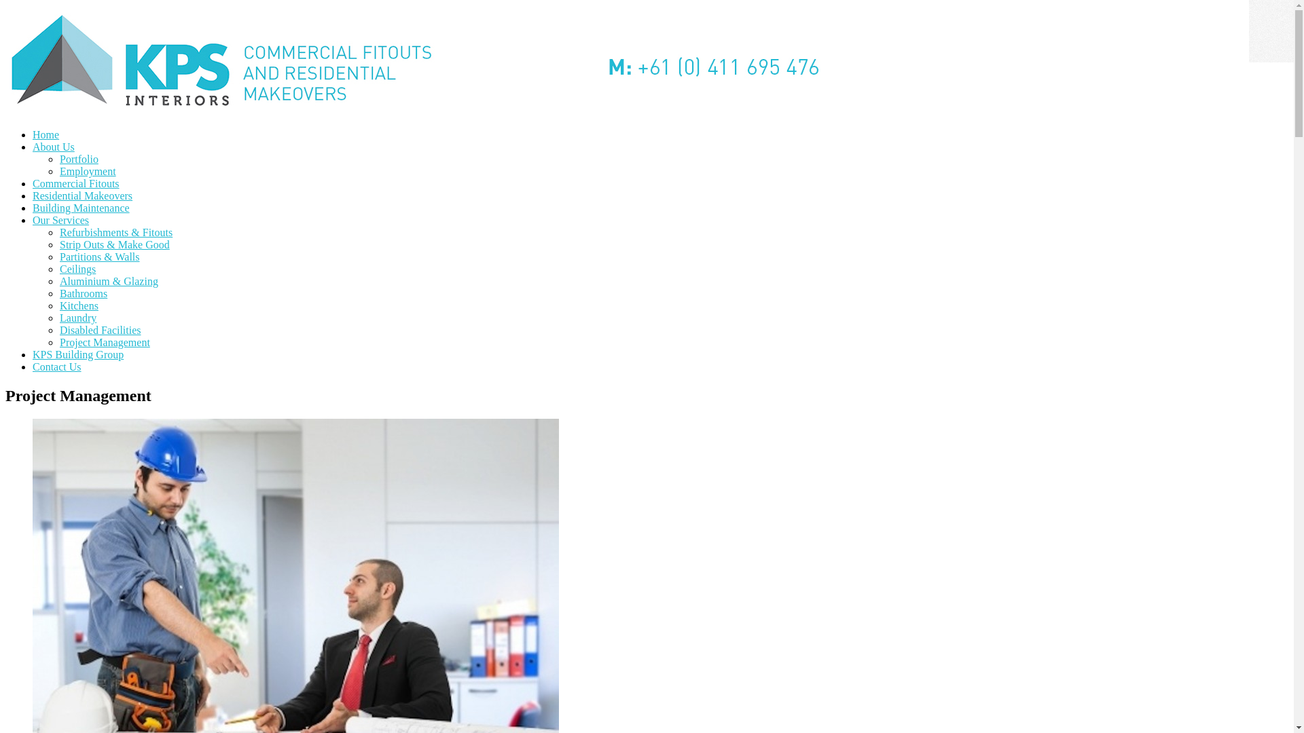 This screenshot has height=733, width=1304. What do you see at coordinates (114, 244) in the screenshot?
I see `'Strip Outs & Make Good'` at bounding box center [114, 244].